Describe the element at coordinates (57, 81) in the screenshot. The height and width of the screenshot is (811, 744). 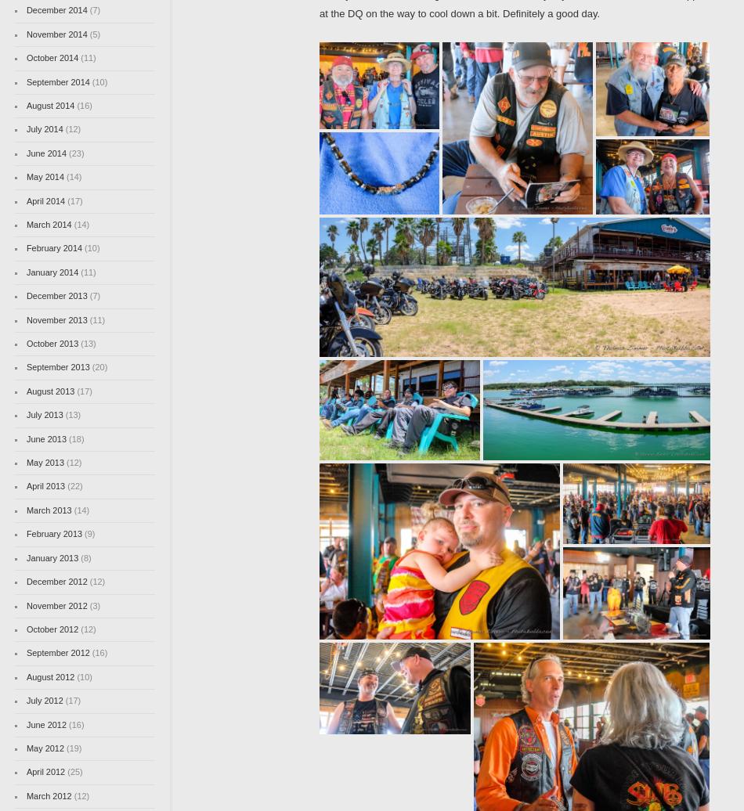
I see `'September 2014'` at that location.